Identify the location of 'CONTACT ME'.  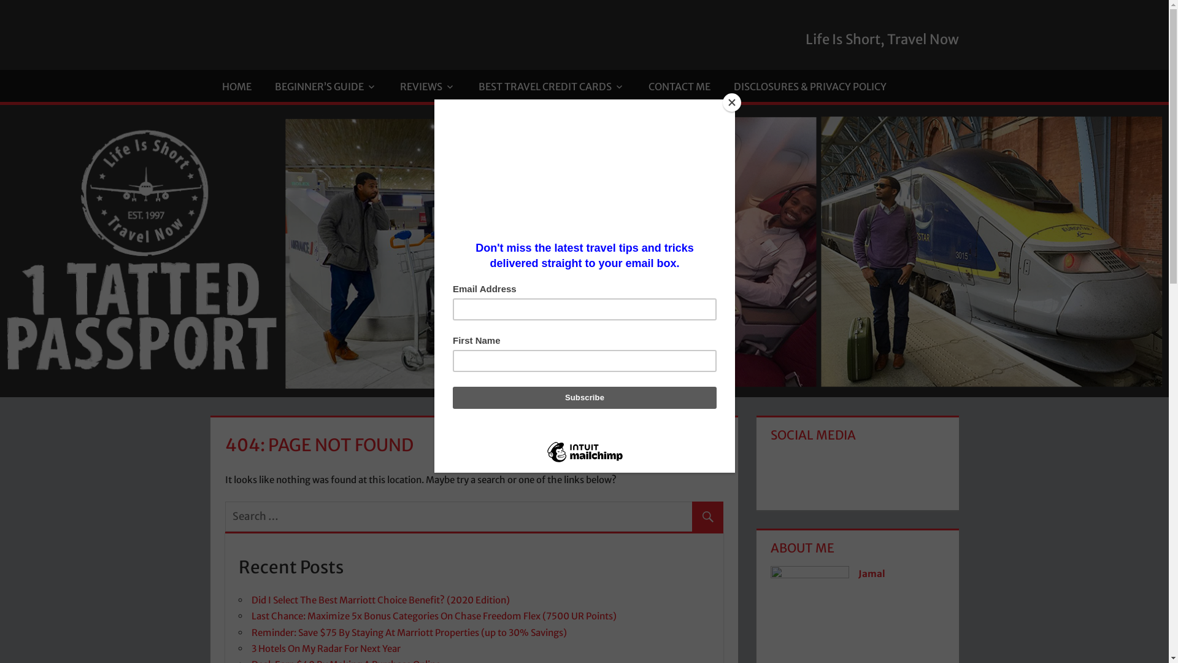
(678, 85).